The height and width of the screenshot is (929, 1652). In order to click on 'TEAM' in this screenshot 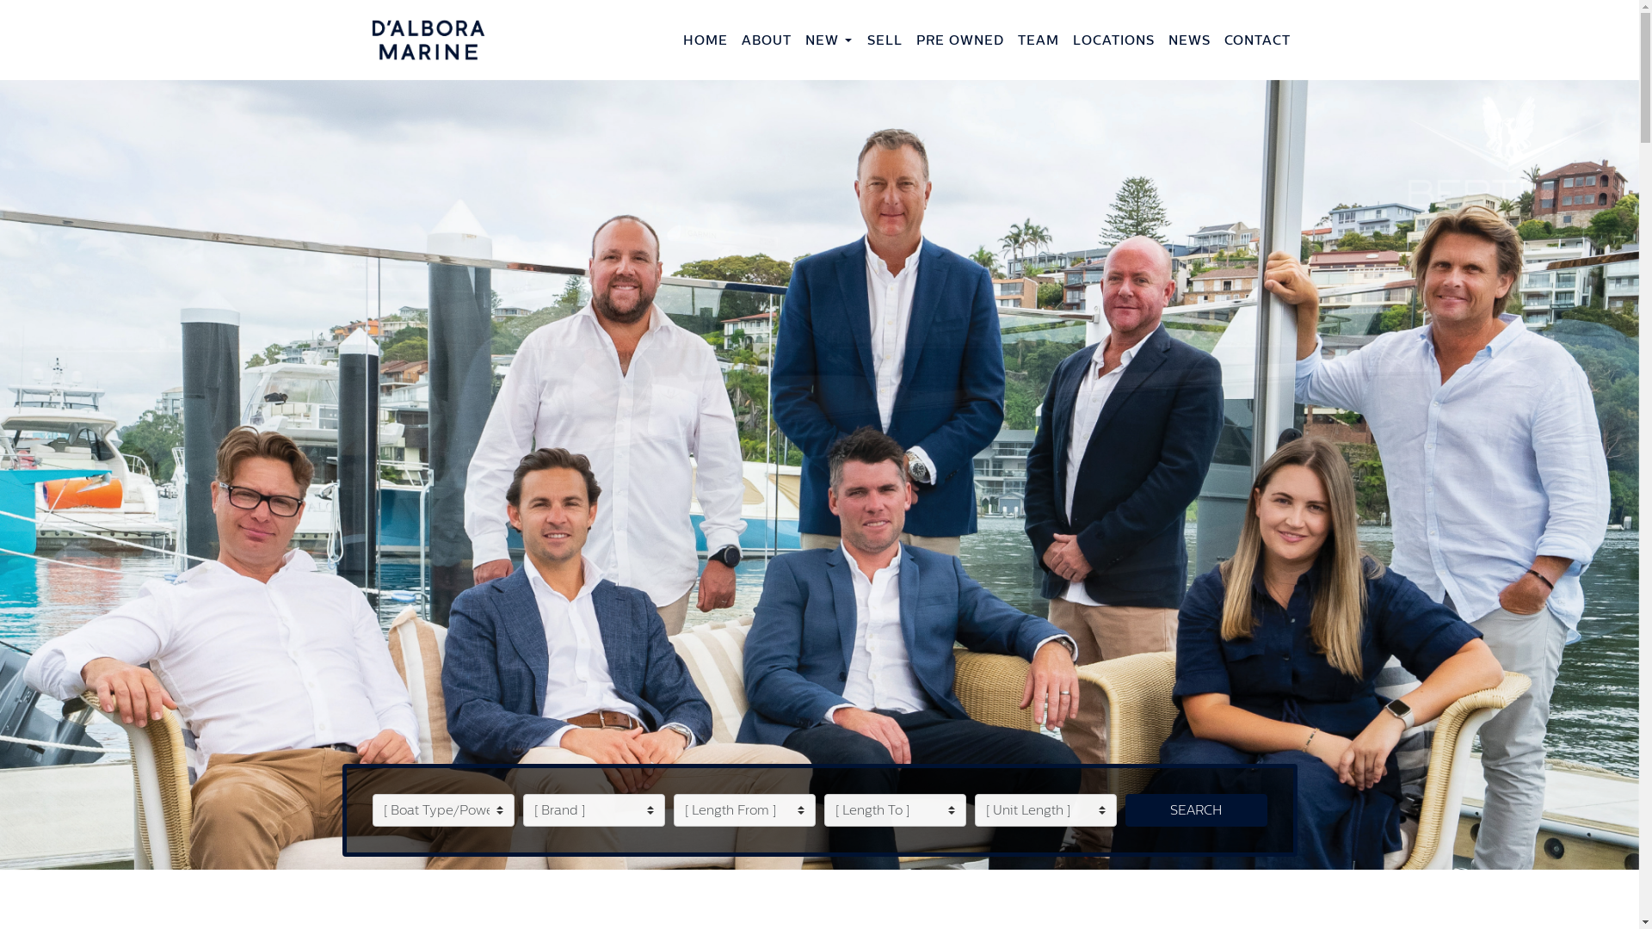, I will do `click(1010, 39)`.